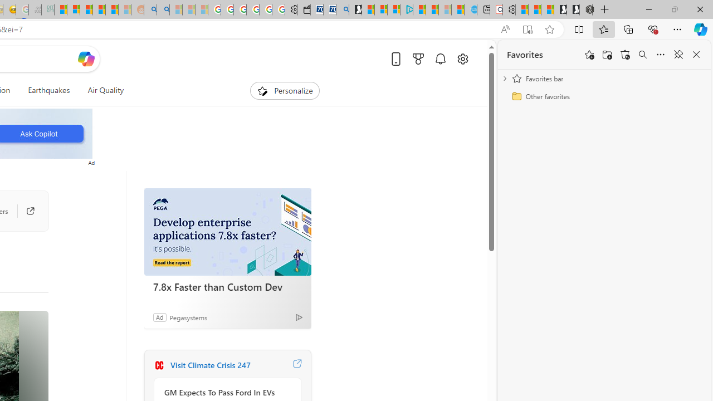 The width and height of the screenshot is (713, 401). I want to click on '7.8x Faster than Custom Dev', so click(227, 286).